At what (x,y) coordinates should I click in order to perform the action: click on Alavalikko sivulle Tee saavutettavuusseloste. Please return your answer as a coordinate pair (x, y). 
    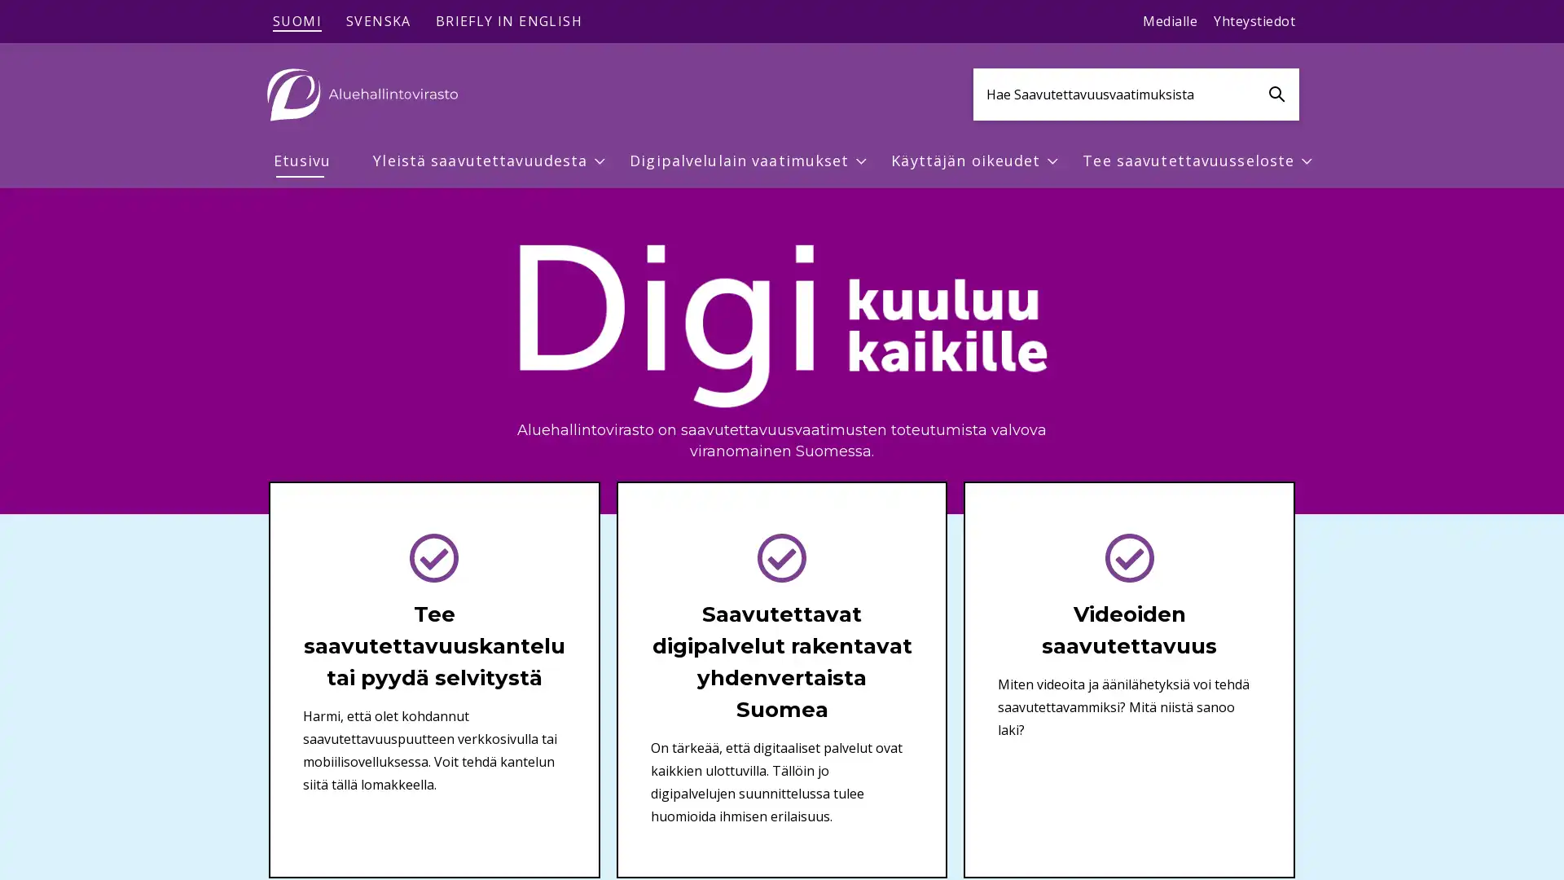
    Looking at the image, I should click on (1306, 161).